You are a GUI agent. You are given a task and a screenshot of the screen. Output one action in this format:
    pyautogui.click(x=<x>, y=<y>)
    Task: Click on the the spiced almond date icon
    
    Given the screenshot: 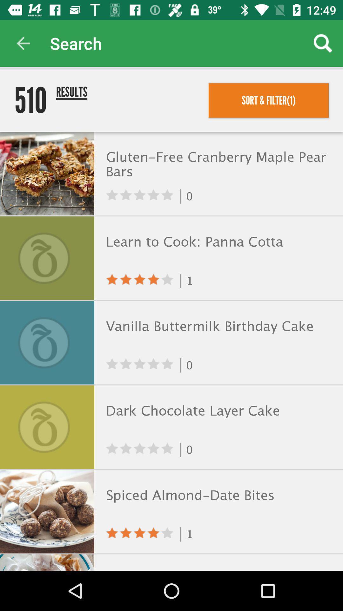 What is the action you would take?
    pyautogui.click(x=217, y=495)
    